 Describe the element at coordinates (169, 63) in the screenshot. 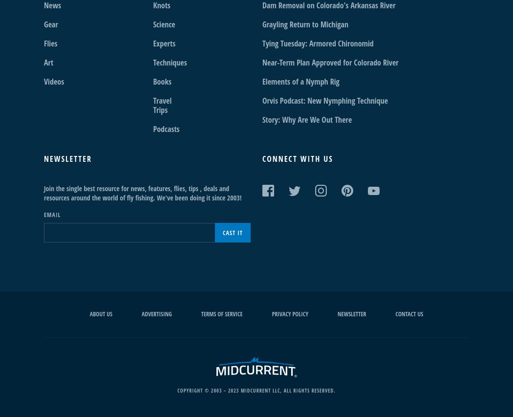

I see `'Techniques'` at that location.